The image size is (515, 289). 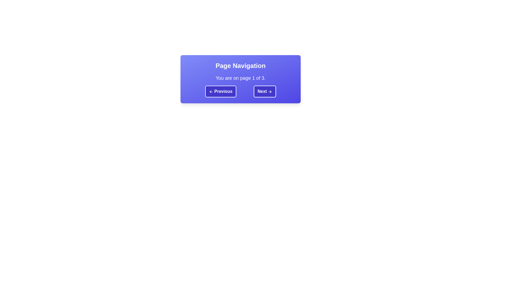 What do you see at coordinates (240, 66) in the screenshot?
I see `the 'Page Navigation' text header element for reading` at bounding box center [240, 66].